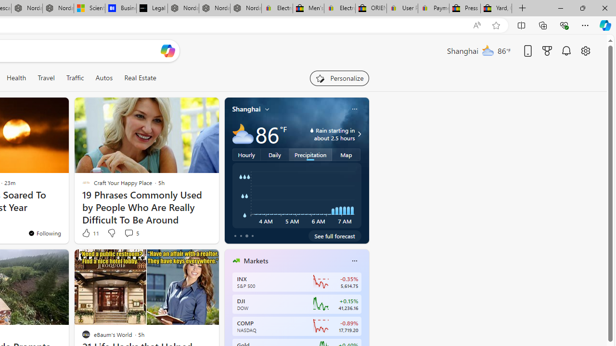 This screenshot has height=346, width=616. Describe the element at coordinates (547, 50) in the screenshot. I see `'Microsoft rewards'` at that location.